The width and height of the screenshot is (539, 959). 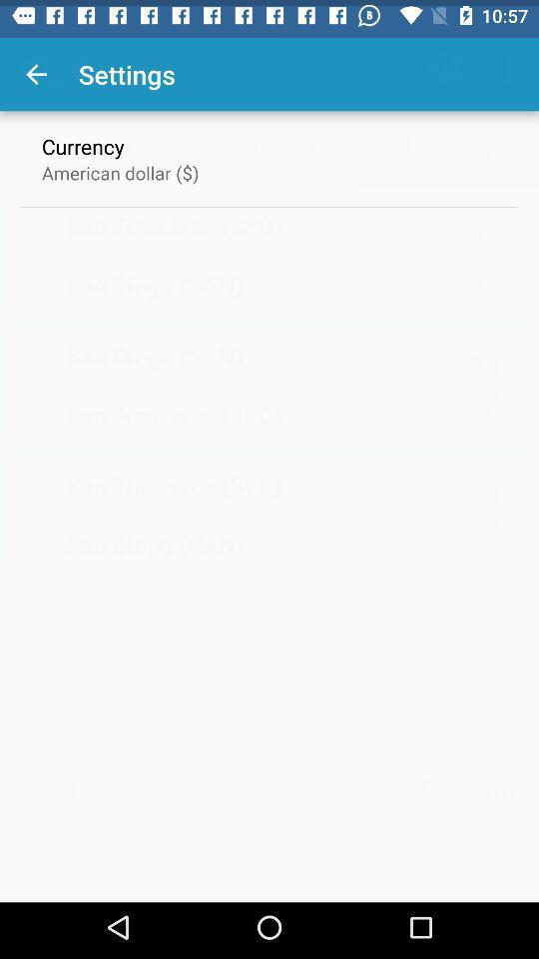 I want to click on the item above currency item, so click(x=36, y=68).